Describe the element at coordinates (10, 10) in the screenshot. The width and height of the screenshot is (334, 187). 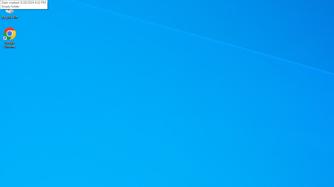
I see `'Recycle Bin'` at that location.